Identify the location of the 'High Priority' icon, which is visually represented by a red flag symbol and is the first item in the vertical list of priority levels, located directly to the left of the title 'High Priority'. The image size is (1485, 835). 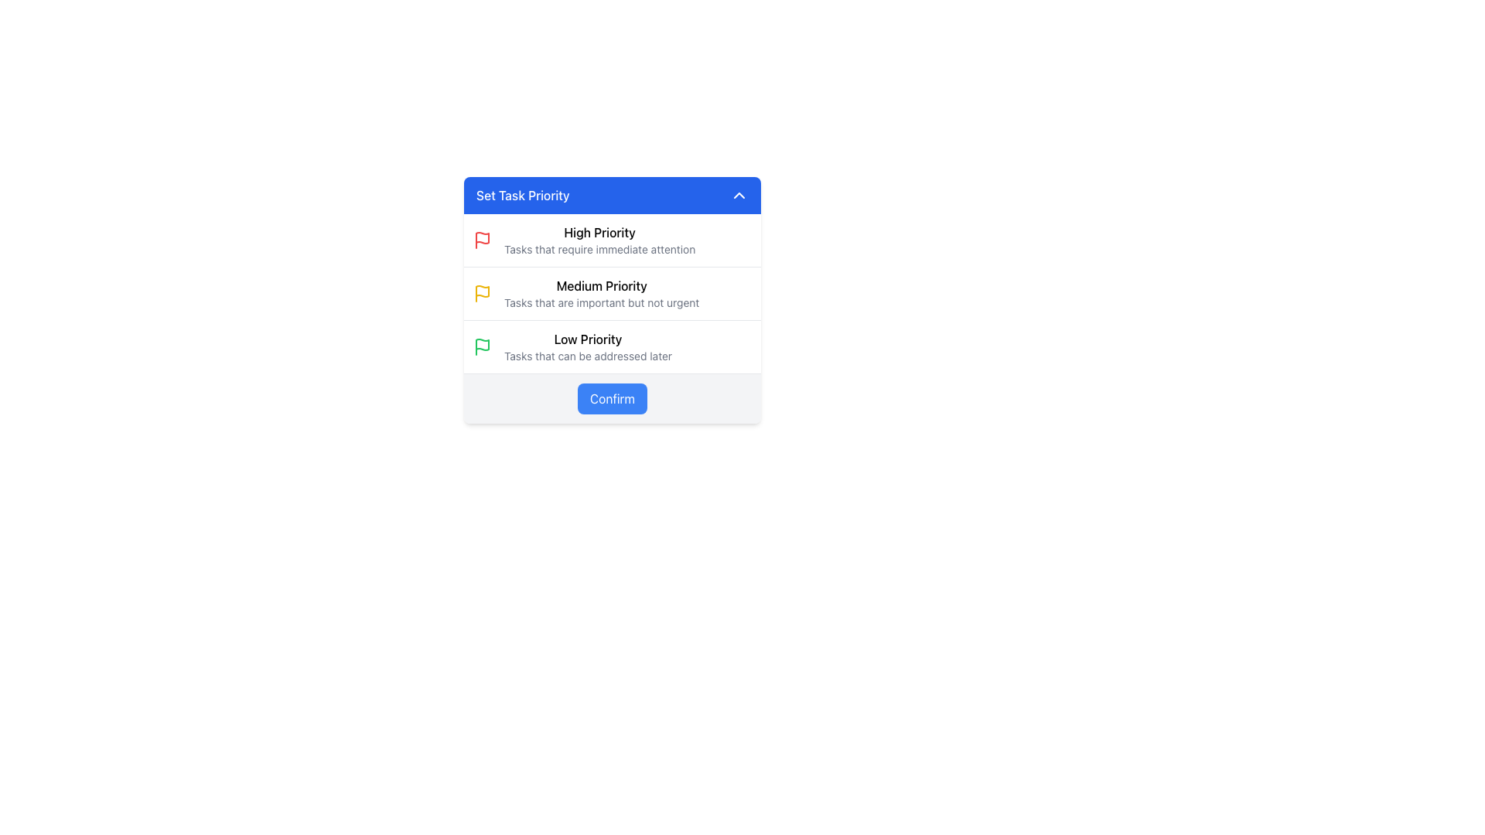
(482, 240).